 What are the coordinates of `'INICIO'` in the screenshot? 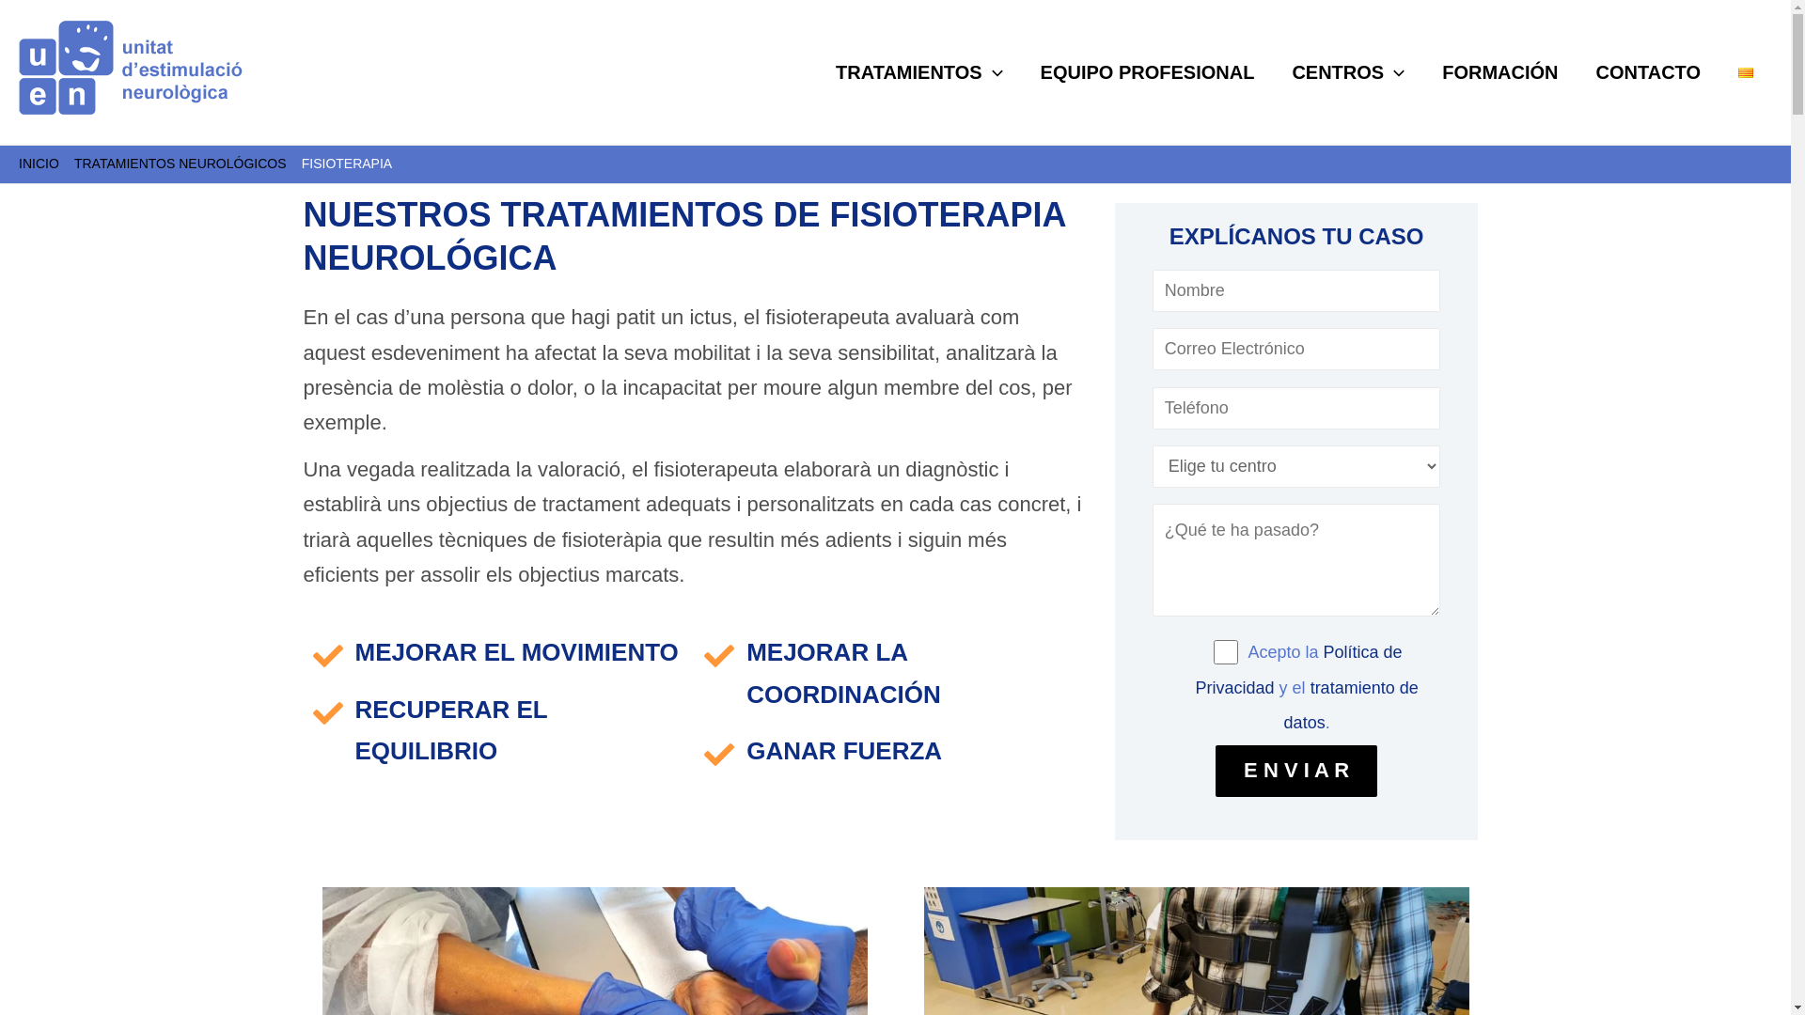 It's located at (39, 162).